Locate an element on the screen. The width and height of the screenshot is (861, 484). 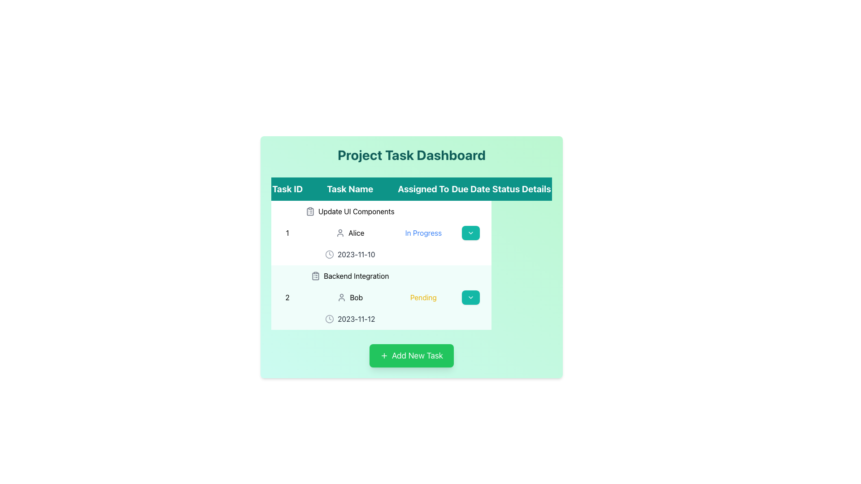
the button in the second row of the task table under the 'Details' column is located at coordinates (470, 297).